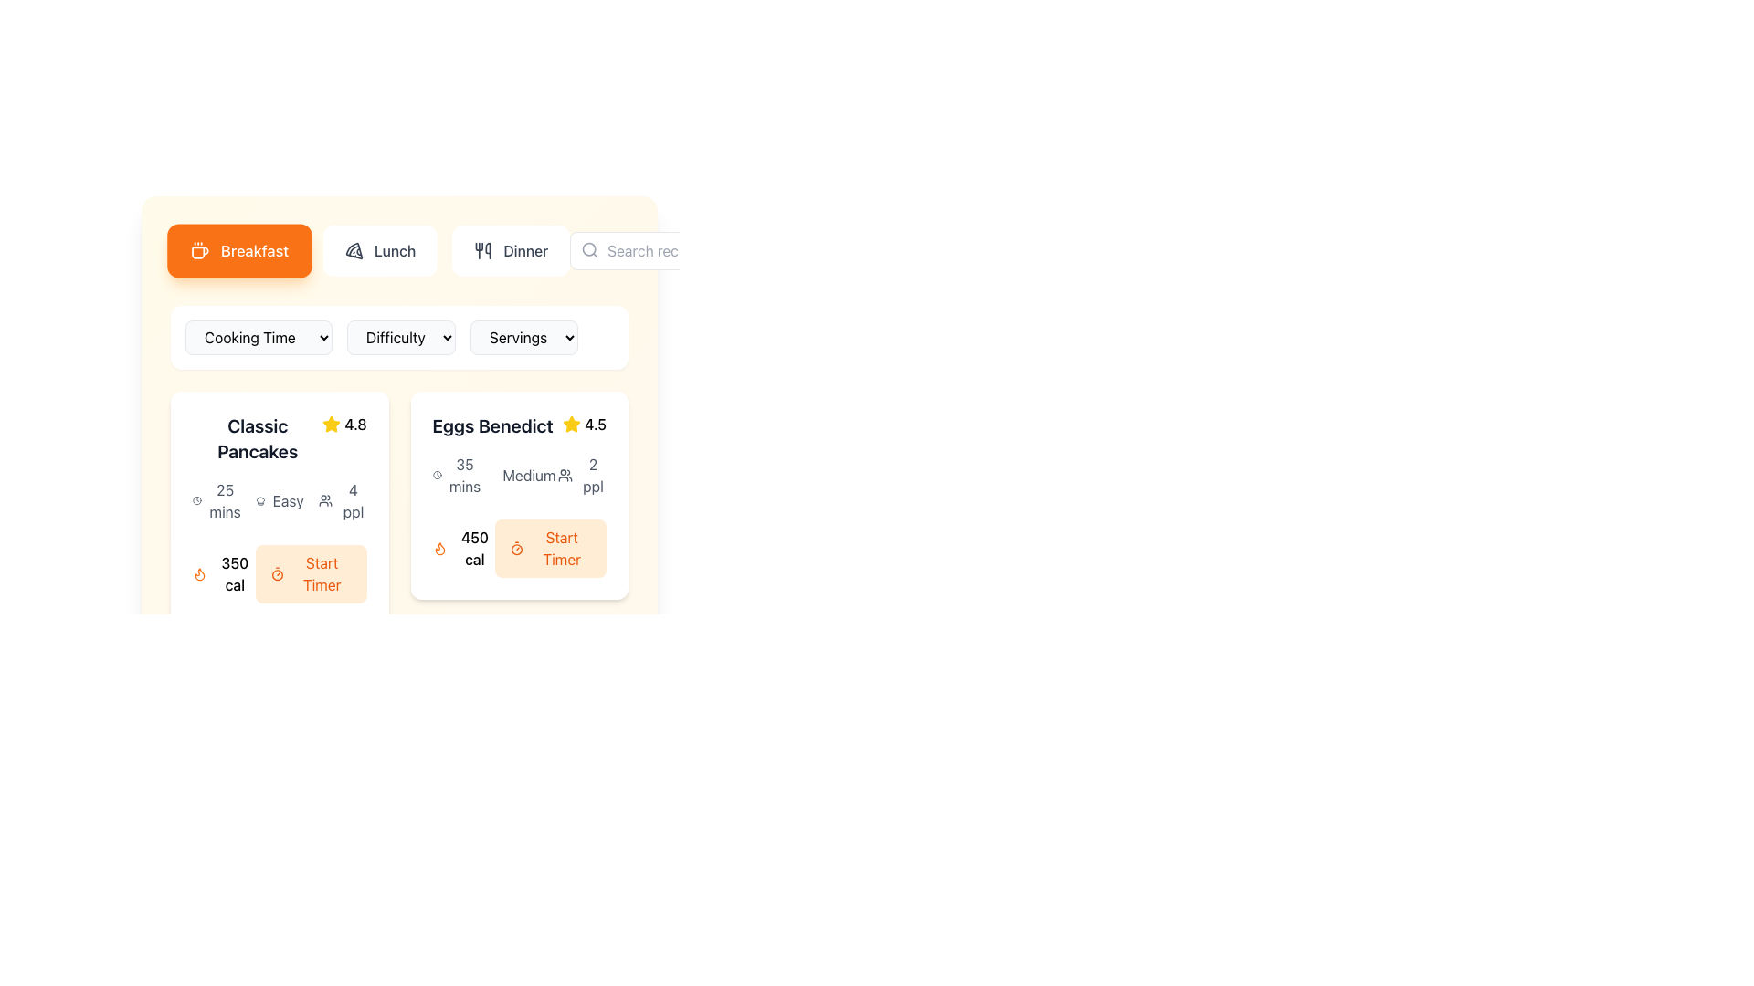 Image resolution: width=1754 pixels, height=986 pixels. What do you see at coordinates (474, 548) in the screenshot?
I see `the text element that displays the number of calories for the 'Eggs Benedict' dish, located in the bottom left corner of the card and beneath the flame icon` at bounding box center [474, 548].